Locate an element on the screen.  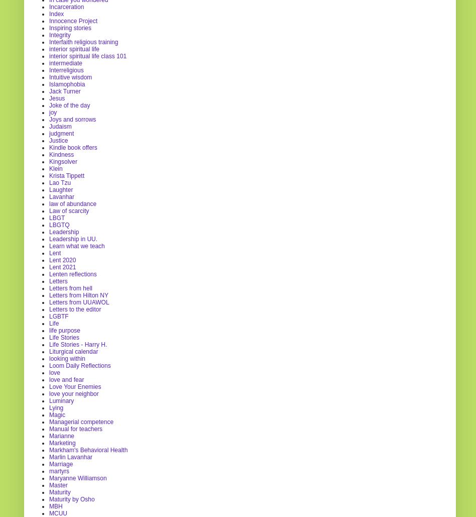
'Justice' is located at coordinates (58, 139).